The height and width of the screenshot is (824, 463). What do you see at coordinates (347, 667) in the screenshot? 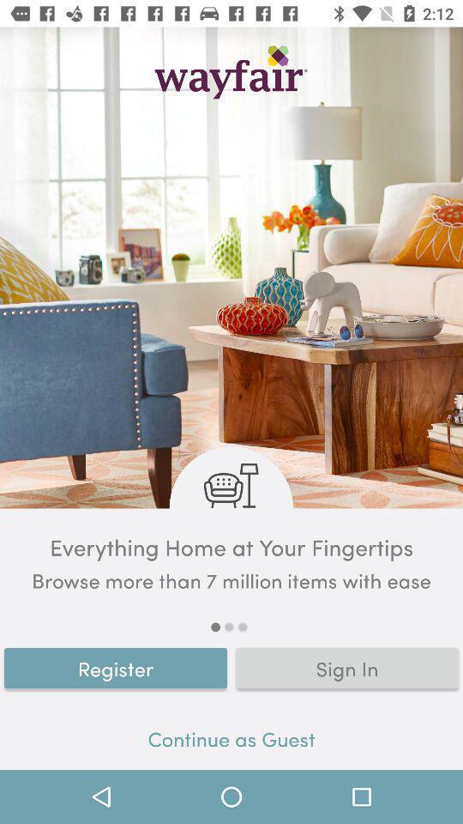
I see `item above continue as guest` at bounding box center [347, 667].